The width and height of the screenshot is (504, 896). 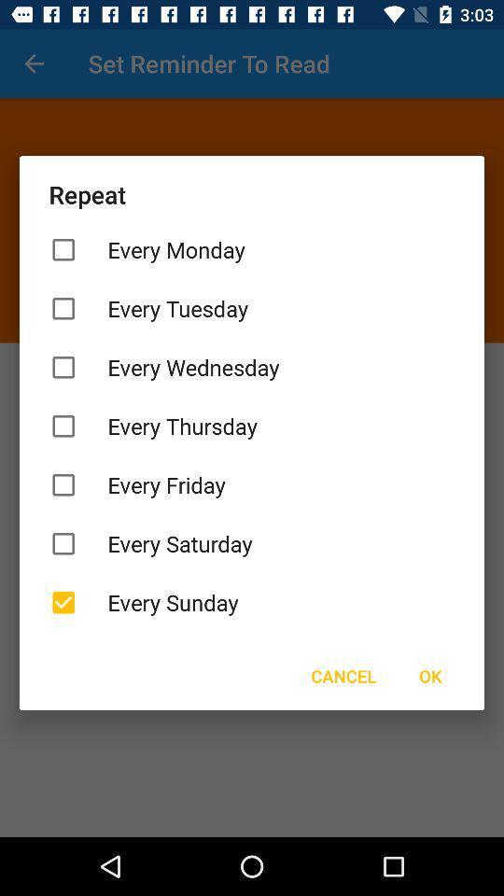 I want to click on the every thursday item, so click(x=252, y=426).